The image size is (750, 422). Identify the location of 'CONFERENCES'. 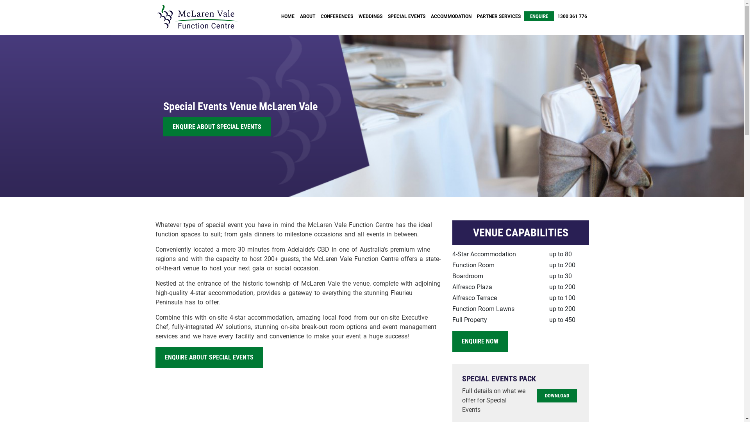
(337, 16).